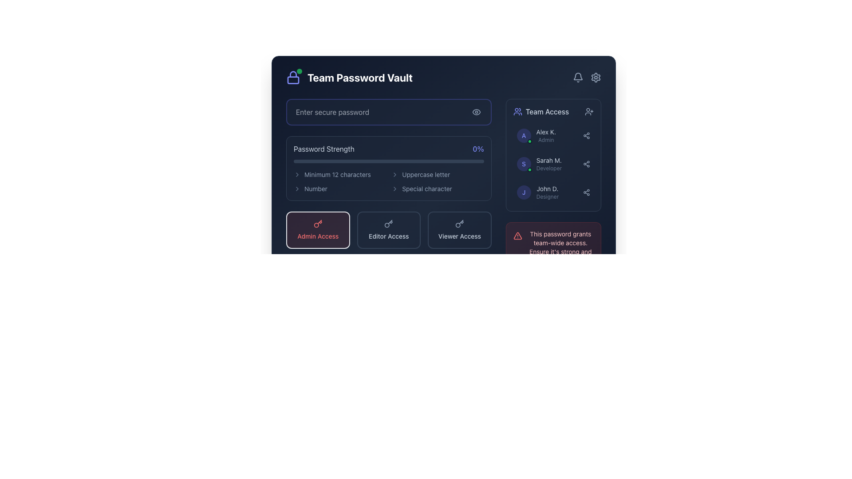 The height and width of the screenshot is (479, 852). What do you see at coordinates (553, 111) in the screenshot?
I see `the header element of the 'Team Access' section to select it, which includes text and icons that signify its purpose` at bounding box center [553, 111].